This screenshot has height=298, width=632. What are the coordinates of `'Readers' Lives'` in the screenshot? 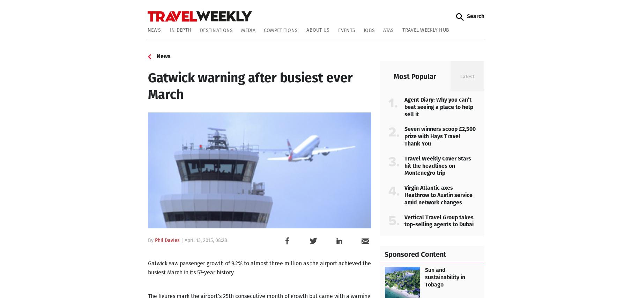 It's located at (152, 75).